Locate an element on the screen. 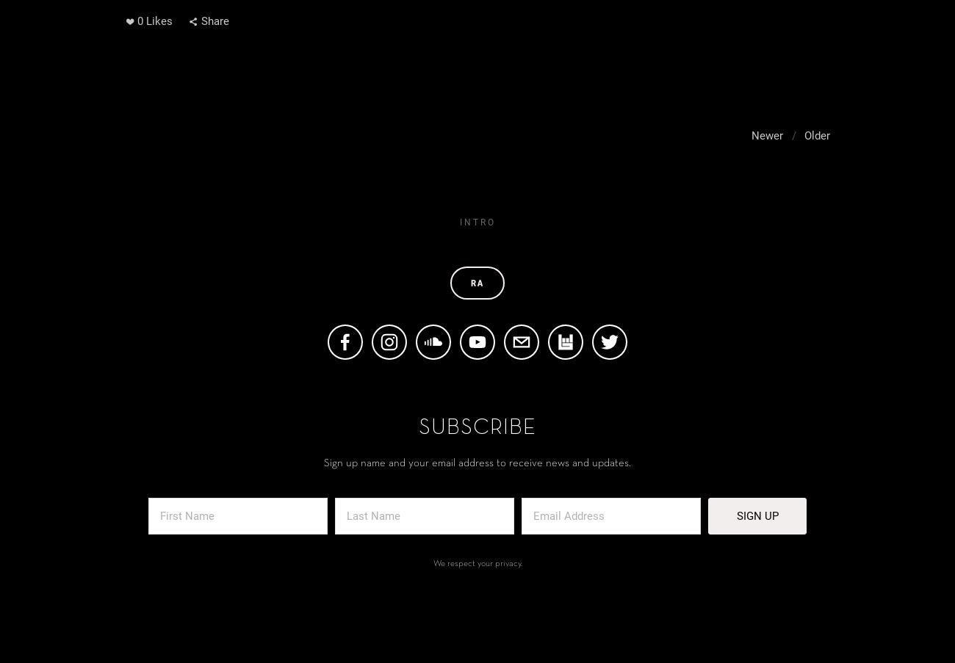  'Sign Up' is located at coordinates (757, 514).